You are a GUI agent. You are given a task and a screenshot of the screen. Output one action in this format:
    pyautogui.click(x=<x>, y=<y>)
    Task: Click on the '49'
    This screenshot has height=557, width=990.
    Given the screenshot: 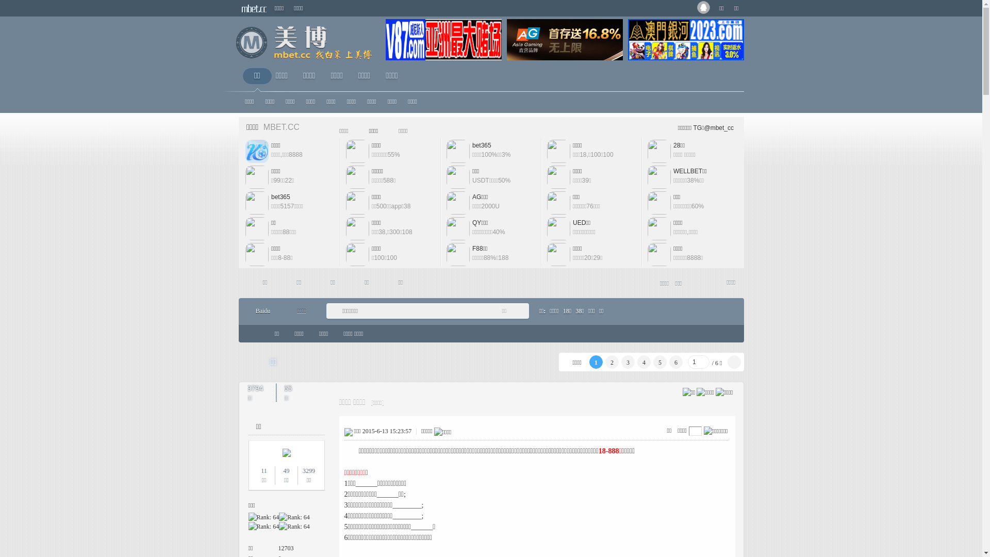 What is the action you would take?
    pyautogui.click(x=283, y=471)
    